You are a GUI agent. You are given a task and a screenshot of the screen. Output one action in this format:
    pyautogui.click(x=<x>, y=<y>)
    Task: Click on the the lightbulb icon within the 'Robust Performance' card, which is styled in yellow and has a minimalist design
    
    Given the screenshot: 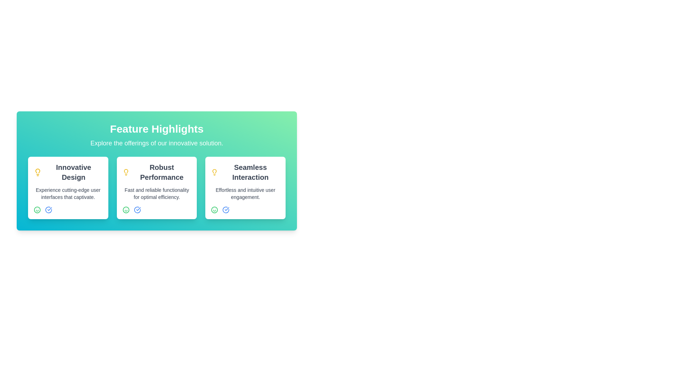 What is the action you would take?
    pyautogui.click(x=126, y=171)
    